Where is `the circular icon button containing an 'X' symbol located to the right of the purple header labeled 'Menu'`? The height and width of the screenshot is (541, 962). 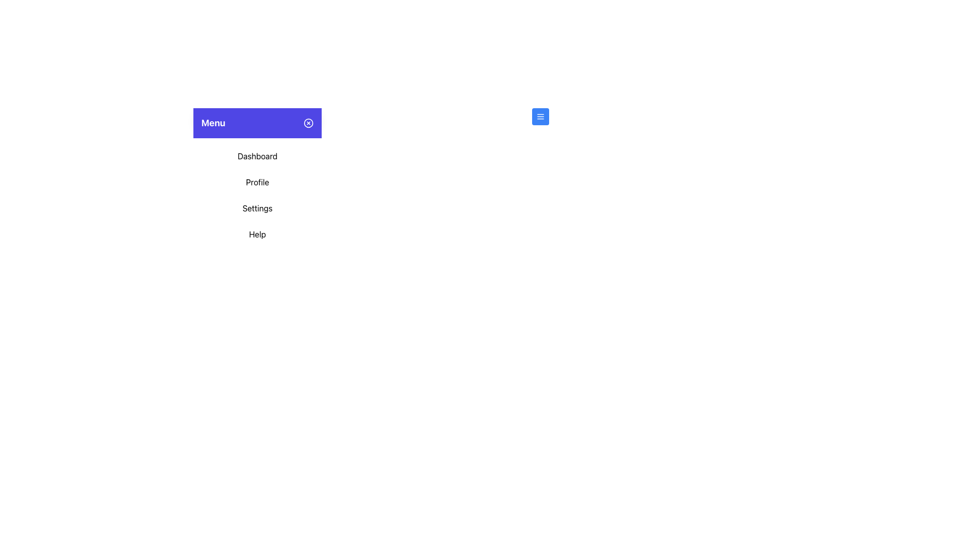 the circular icon button containing an 'X' symbol located to the right of the purple header labeled 'Menu' is located at coordinates (308, 123).